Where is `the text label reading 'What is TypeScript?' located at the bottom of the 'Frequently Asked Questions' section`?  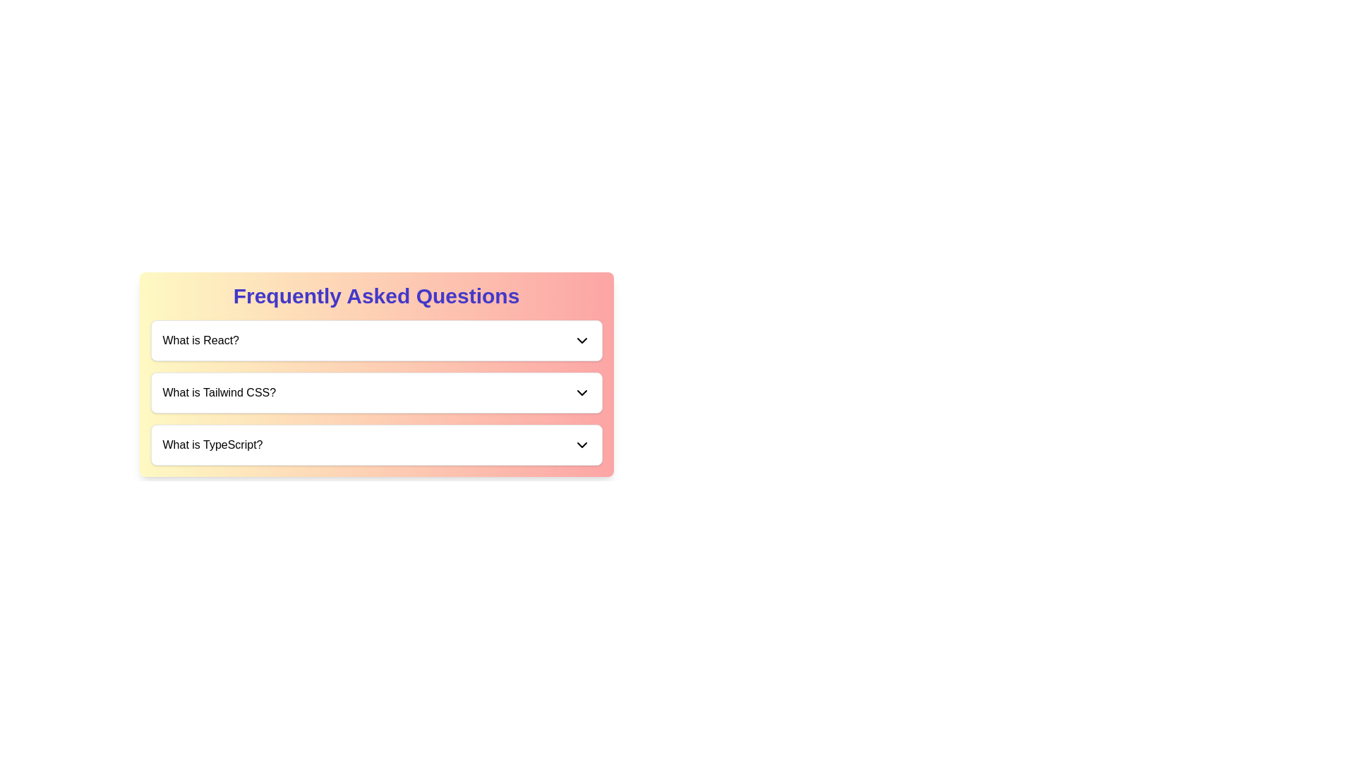
the text label reading 'What is TypeScript?' located at the bottom of the 'Frequently Asked Questions' section is located at coordinates (212, 445).